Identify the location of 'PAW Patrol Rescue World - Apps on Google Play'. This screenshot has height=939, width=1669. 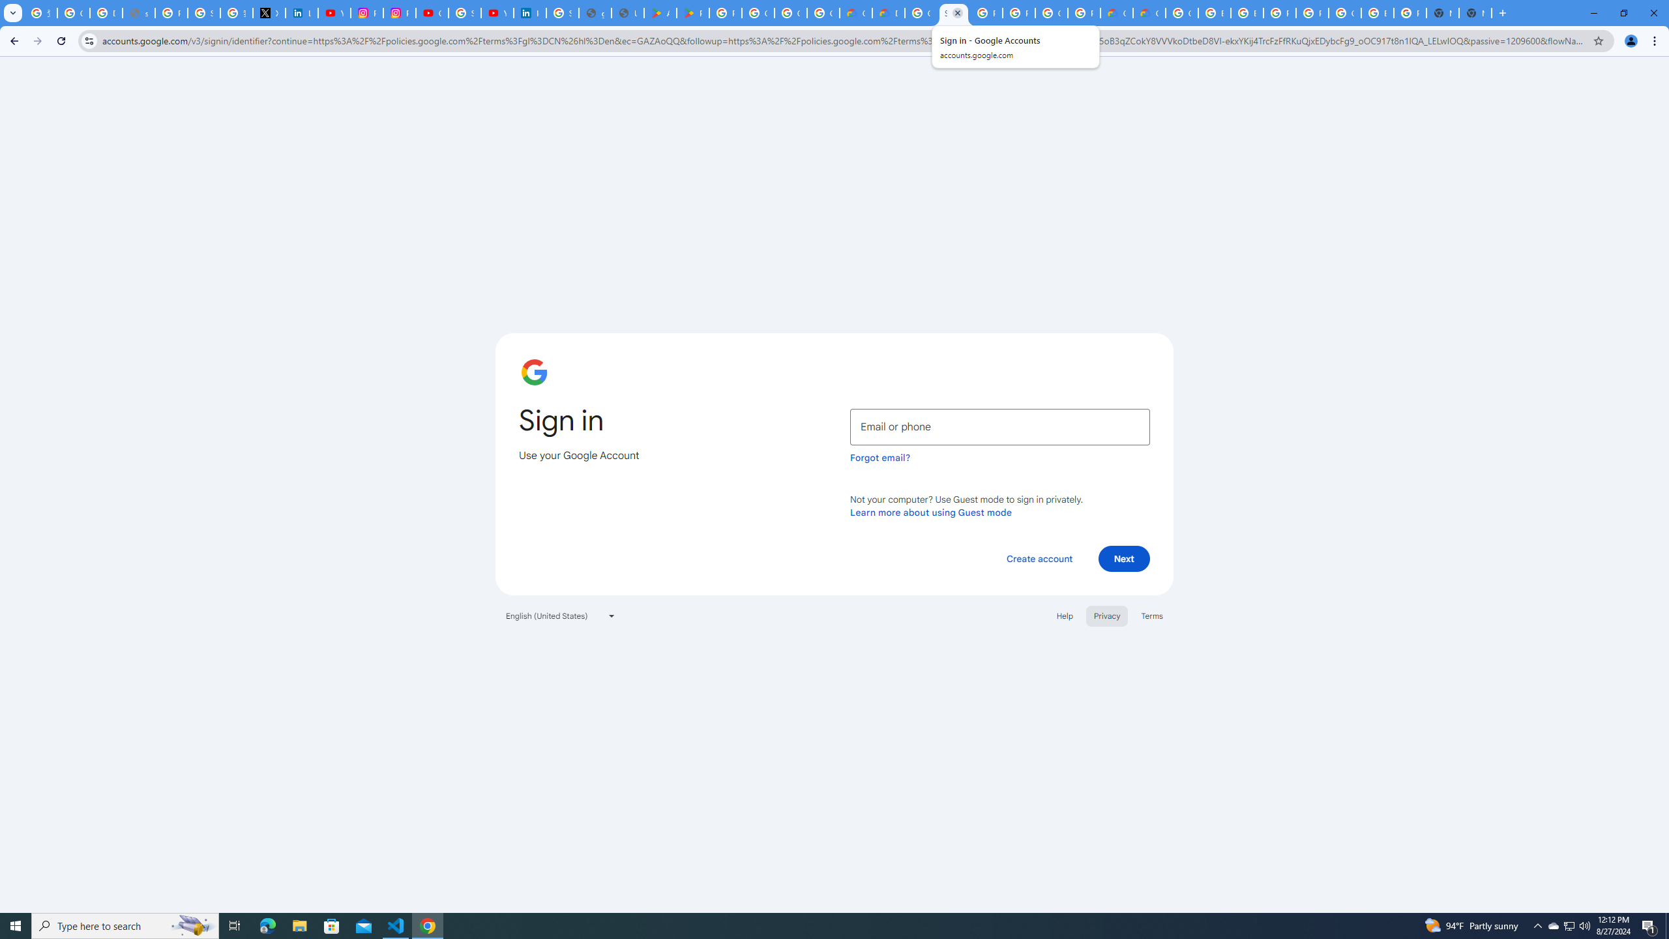
(693, 12).